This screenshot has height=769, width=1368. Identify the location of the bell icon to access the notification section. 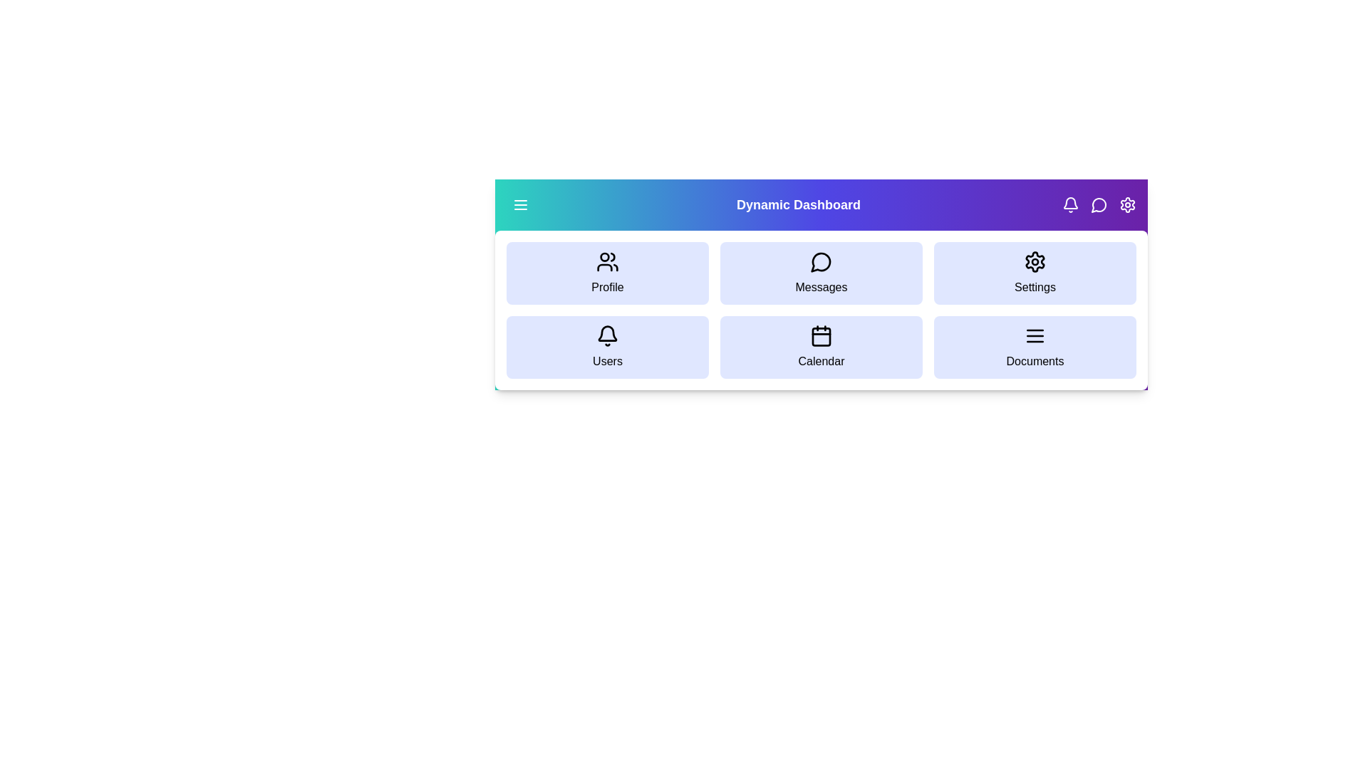
(1070, 205).